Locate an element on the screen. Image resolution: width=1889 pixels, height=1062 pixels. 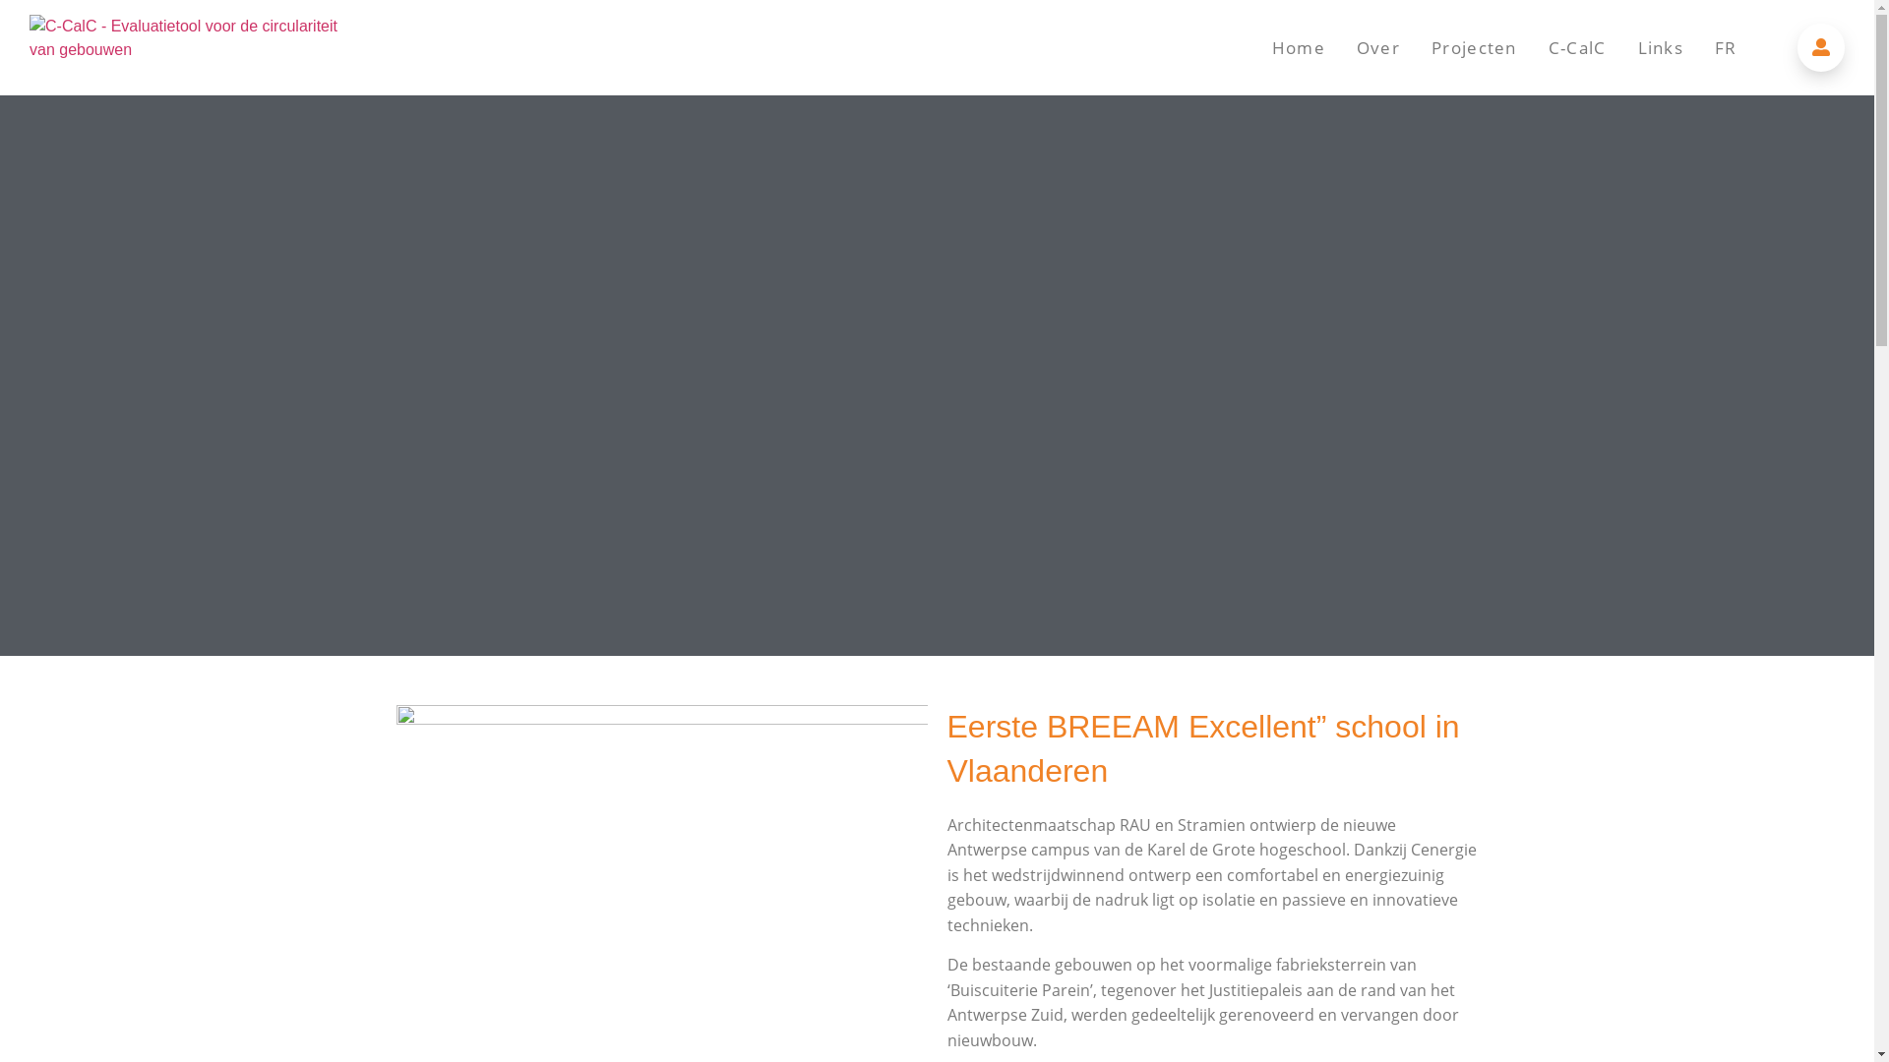
'FR' is located at coordinates (1725, 47).